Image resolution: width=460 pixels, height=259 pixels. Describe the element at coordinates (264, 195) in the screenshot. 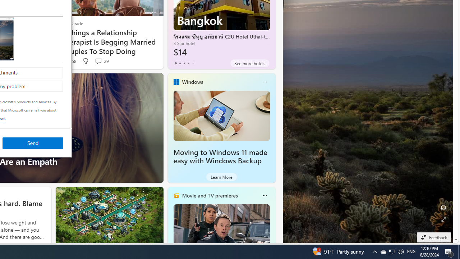

I see `'Class: icon-img'` at that location.